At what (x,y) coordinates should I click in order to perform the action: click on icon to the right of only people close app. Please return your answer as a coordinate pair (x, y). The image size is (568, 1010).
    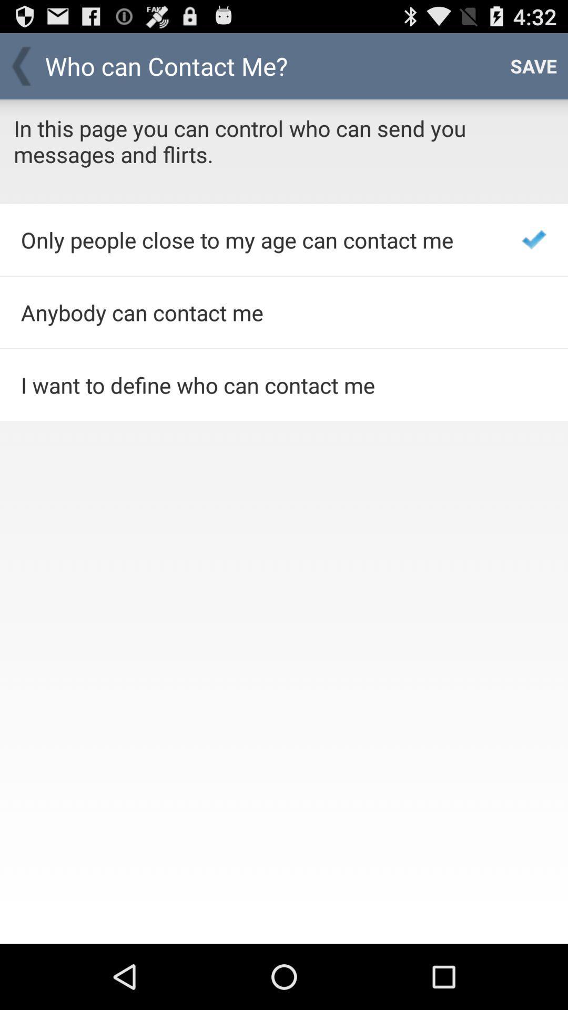
    Looking at the image, I should click on (534, 239).